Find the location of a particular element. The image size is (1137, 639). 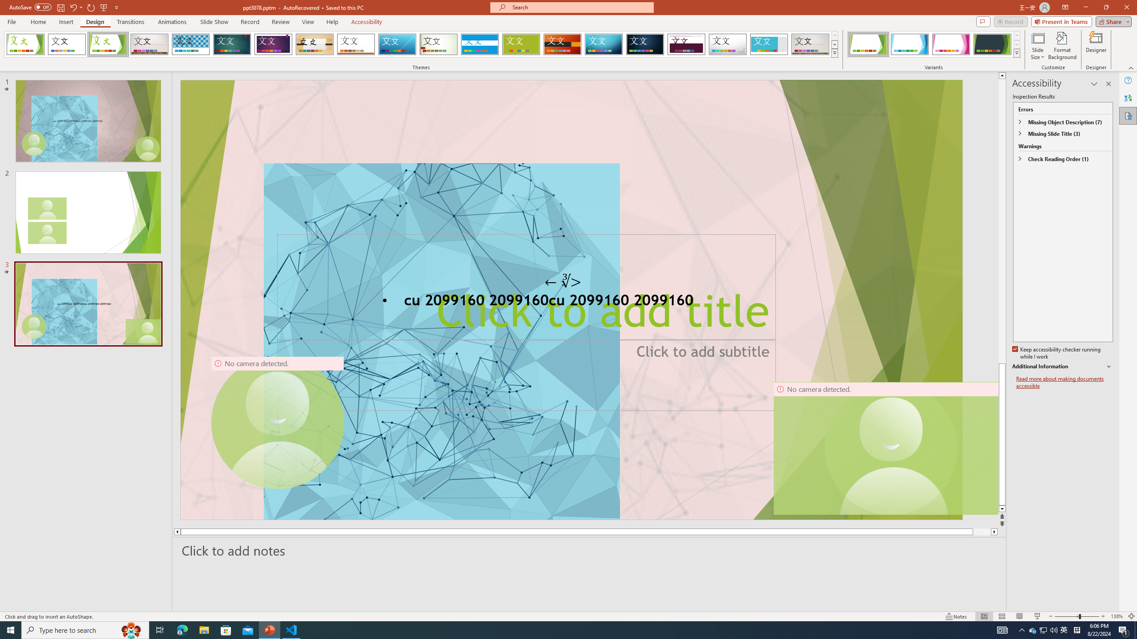

'Banded' is located at coordinates (480, 44).